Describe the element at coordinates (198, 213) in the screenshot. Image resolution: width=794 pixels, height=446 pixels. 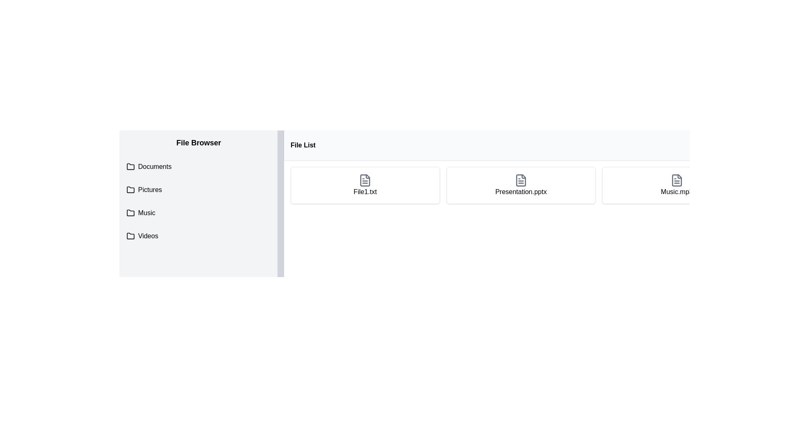
I see `the third list item labeled 'Music' in the file browser sidebar` at that location.